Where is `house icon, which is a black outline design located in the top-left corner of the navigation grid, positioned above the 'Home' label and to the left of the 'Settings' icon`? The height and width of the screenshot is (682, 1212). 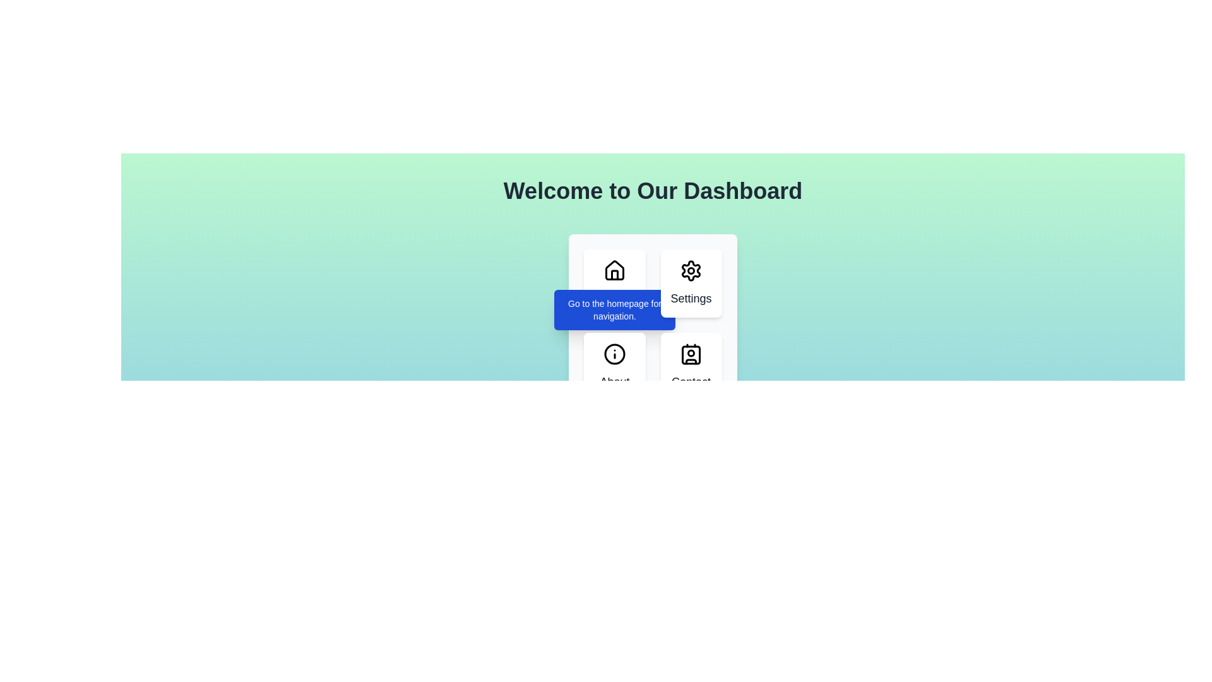 house icon, which is a black outline design located in the top-left corner of the navigation grid, positioned above the 'Home' label and to the left of the 'Settings' icon is located at coordinates (615, 270).